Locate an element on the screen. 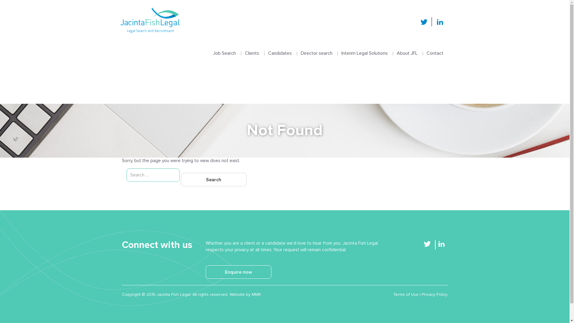 This screenshot has width=574, height=323. 'Privacy Policy' is located at coordinates (435, 294).